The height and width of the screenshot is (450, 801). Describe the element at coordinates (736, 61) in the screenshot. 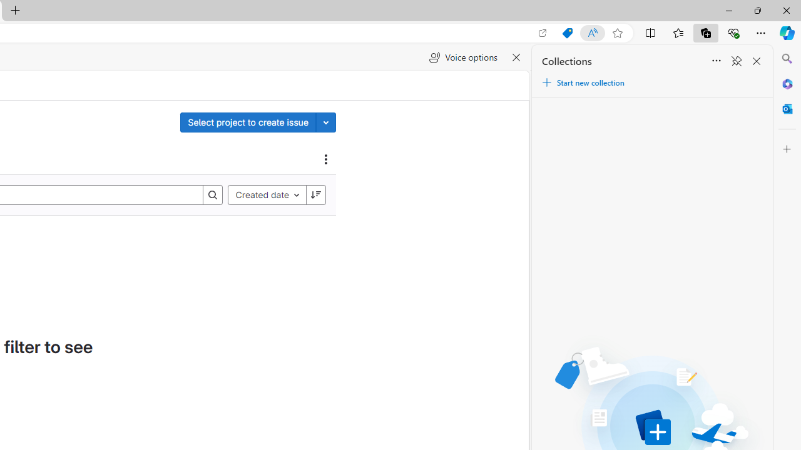

I see `'Unpin Collections'` at that location.